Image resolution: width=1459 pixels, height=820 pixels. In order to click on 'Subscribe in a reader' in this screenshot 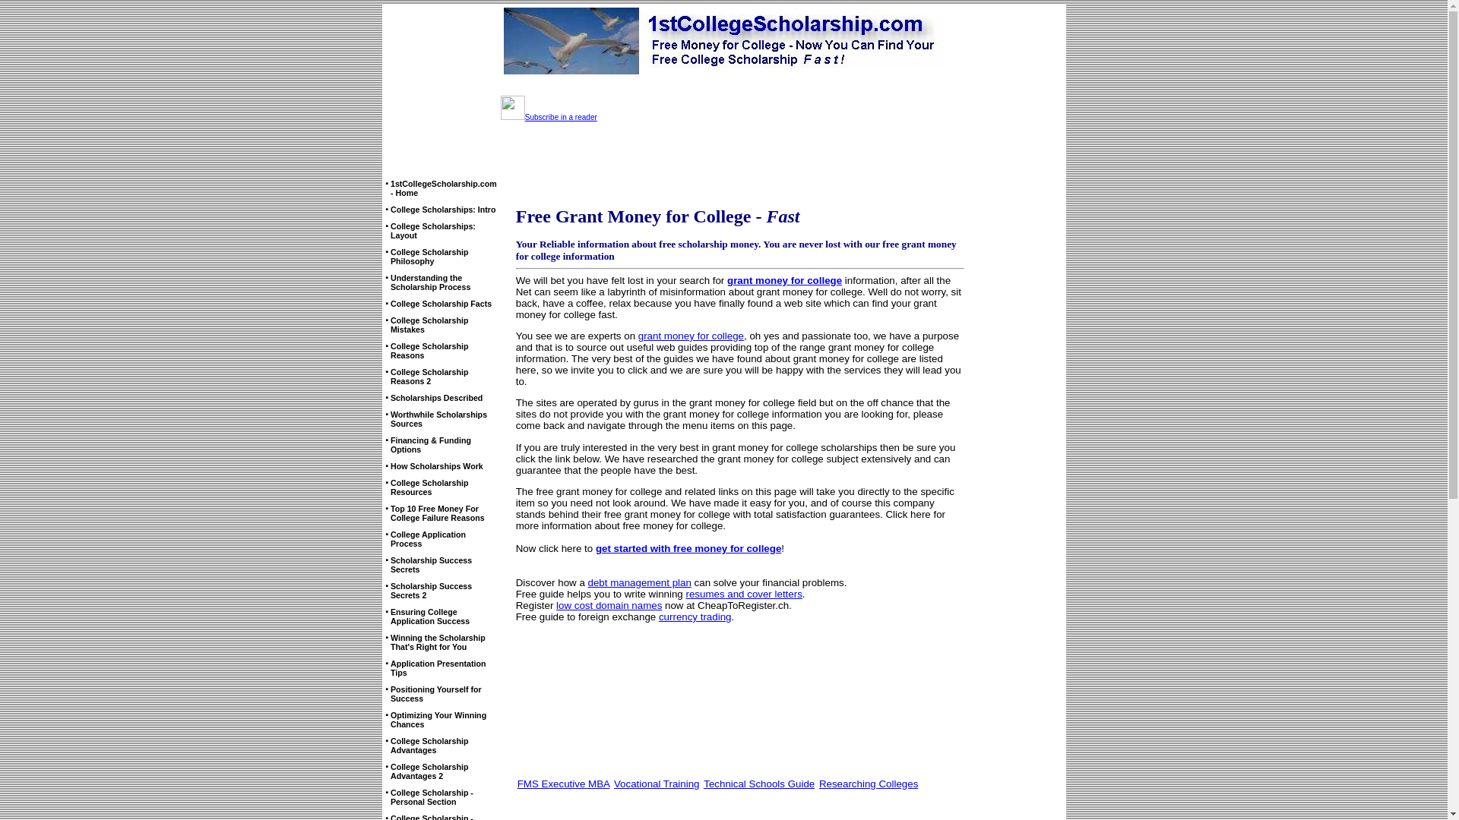, I will do `click(548, 115)`.